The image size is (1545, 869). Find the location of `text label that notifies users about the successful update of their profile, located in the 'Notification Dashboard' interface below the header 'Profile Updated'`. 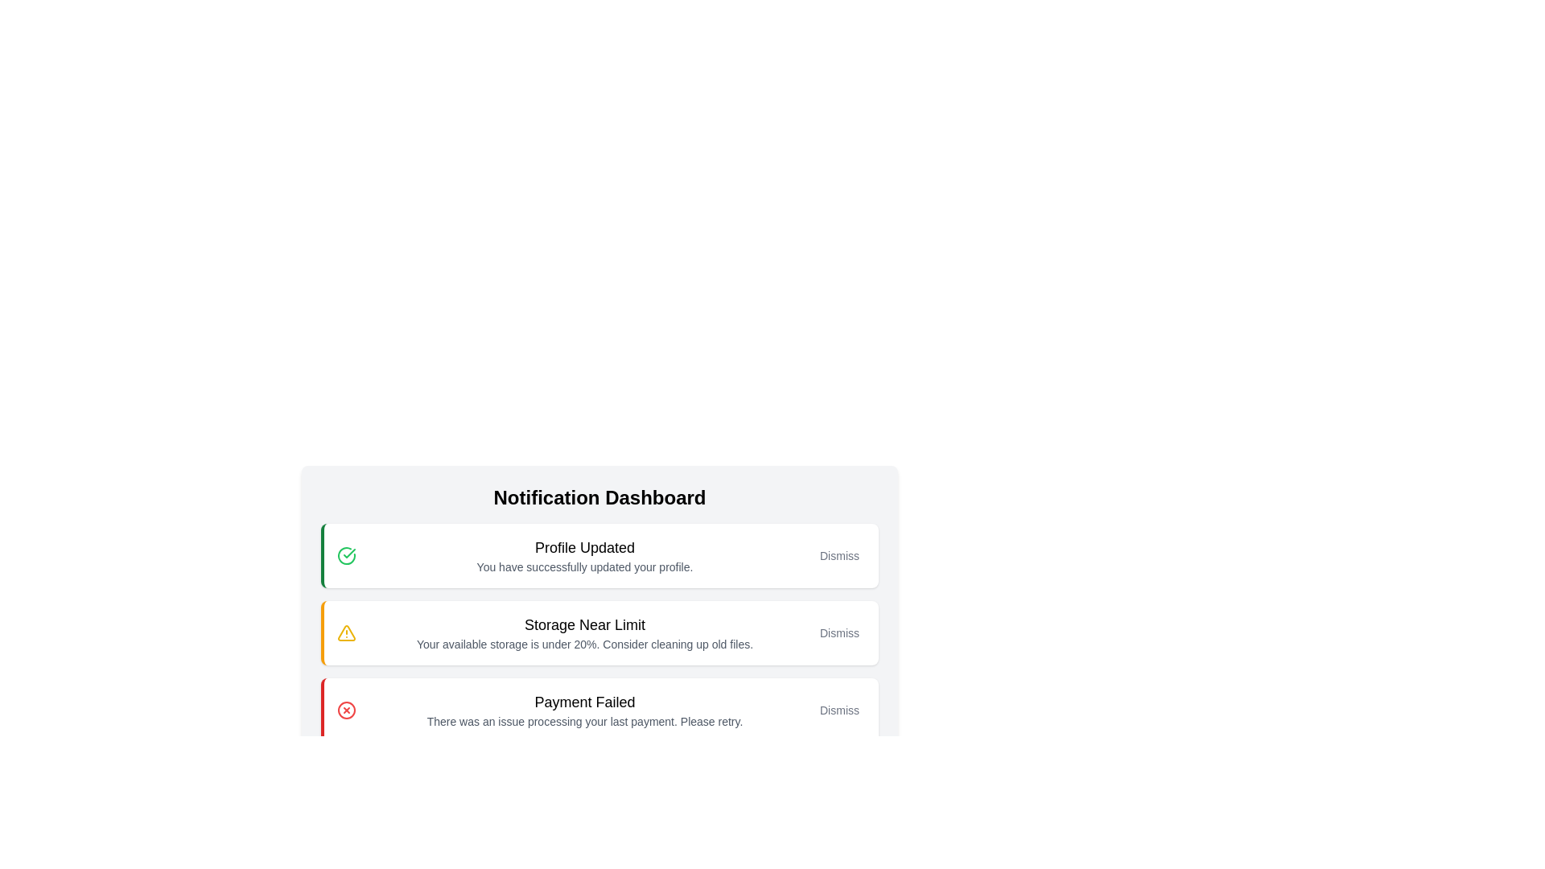

text label that notifies users about the successful update of their profile, located in the 'Notification Dashboard' interface below the header 'Profile Updated' is located at coordinates (583, 566).